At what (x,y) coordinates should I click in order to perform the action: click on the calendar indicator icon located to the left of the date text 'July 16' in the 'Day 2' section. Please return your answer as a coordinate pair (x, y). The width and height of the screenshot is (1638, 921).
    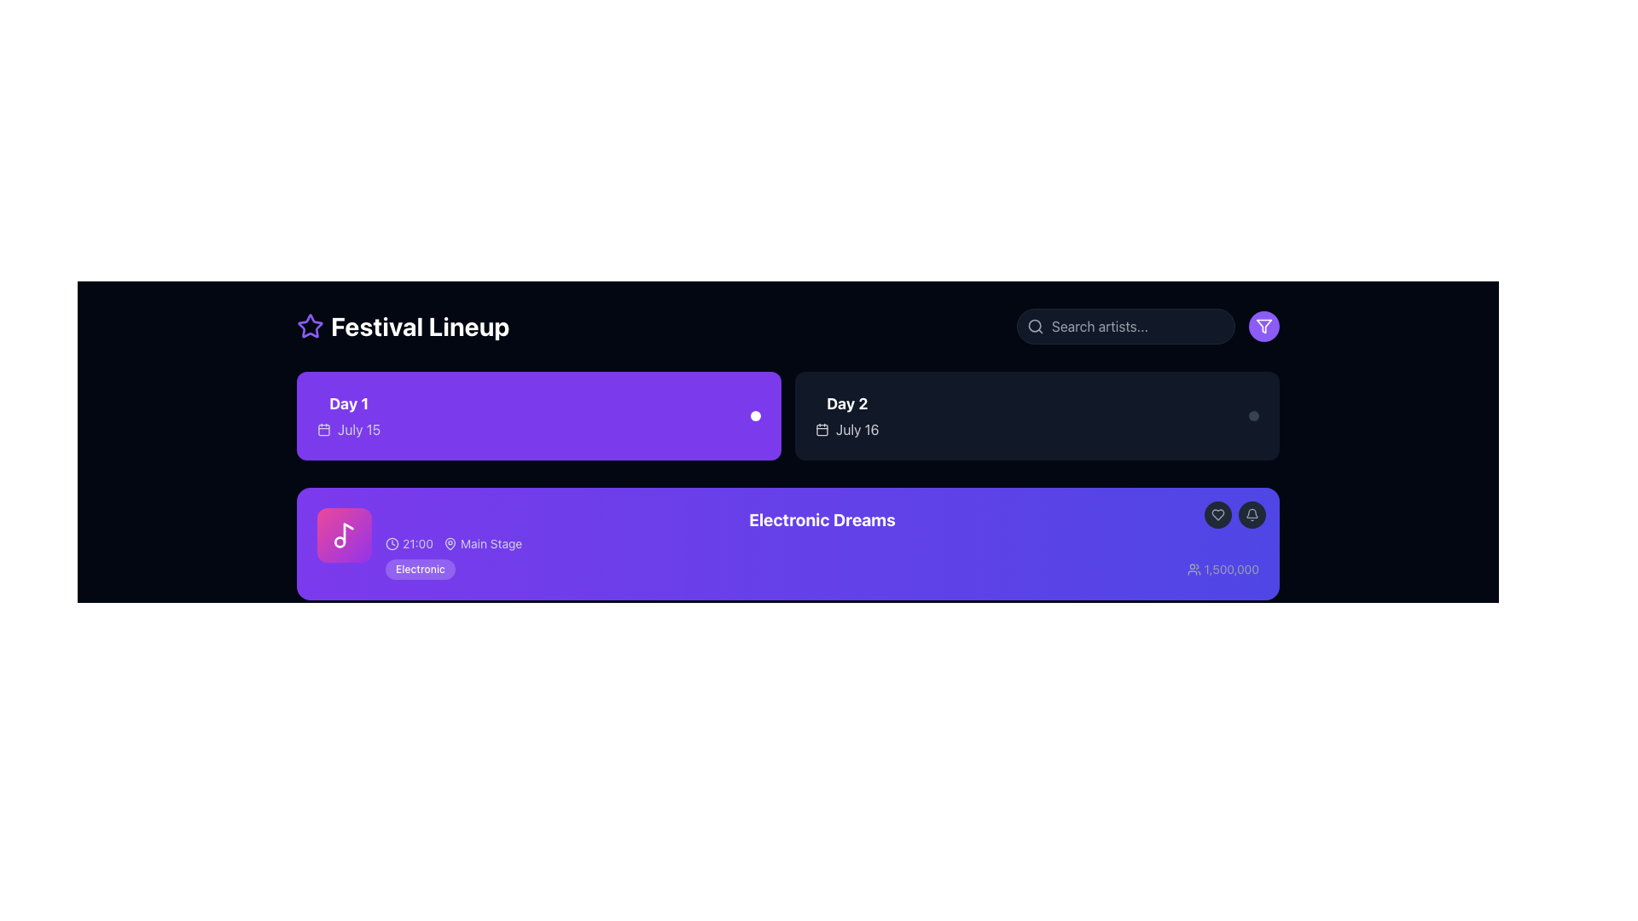
    Looking at the image, I should click on (822, 429).